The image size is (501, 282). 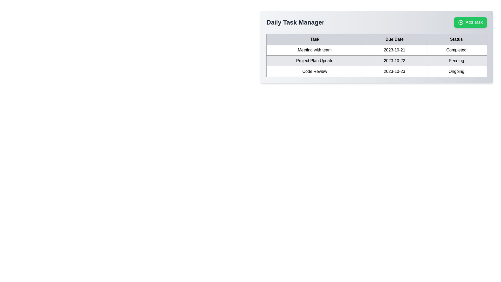 I want to click on text of the first cell in the second row of the table under the 'Task' column, which displays the title or description of a task in the task manager application, so click(x=314, y=60).